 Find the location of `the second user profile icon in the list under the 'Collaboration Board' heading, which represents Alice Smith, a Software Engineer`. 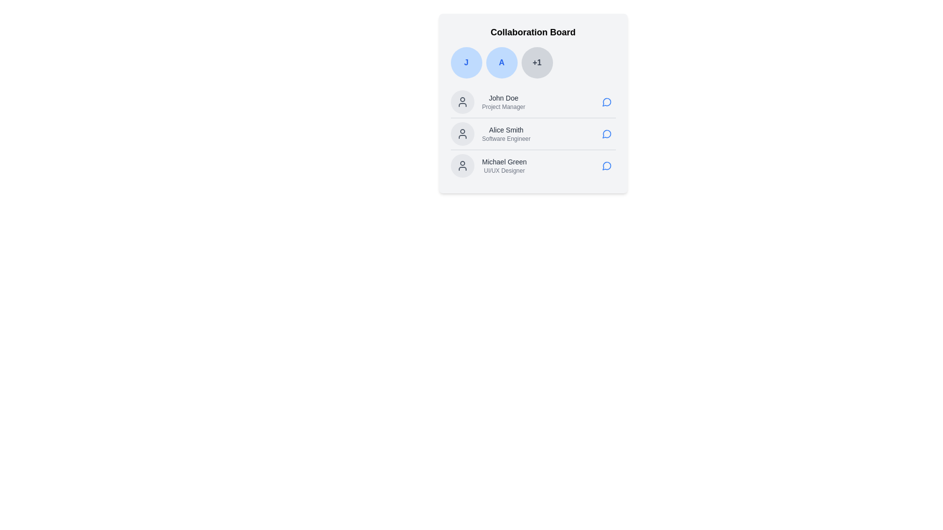

the second user profile icon in the list under the 'Collaboration Board' heading, which represents Alice Smith, a Software Engineer is located at coordinates (462, 134).